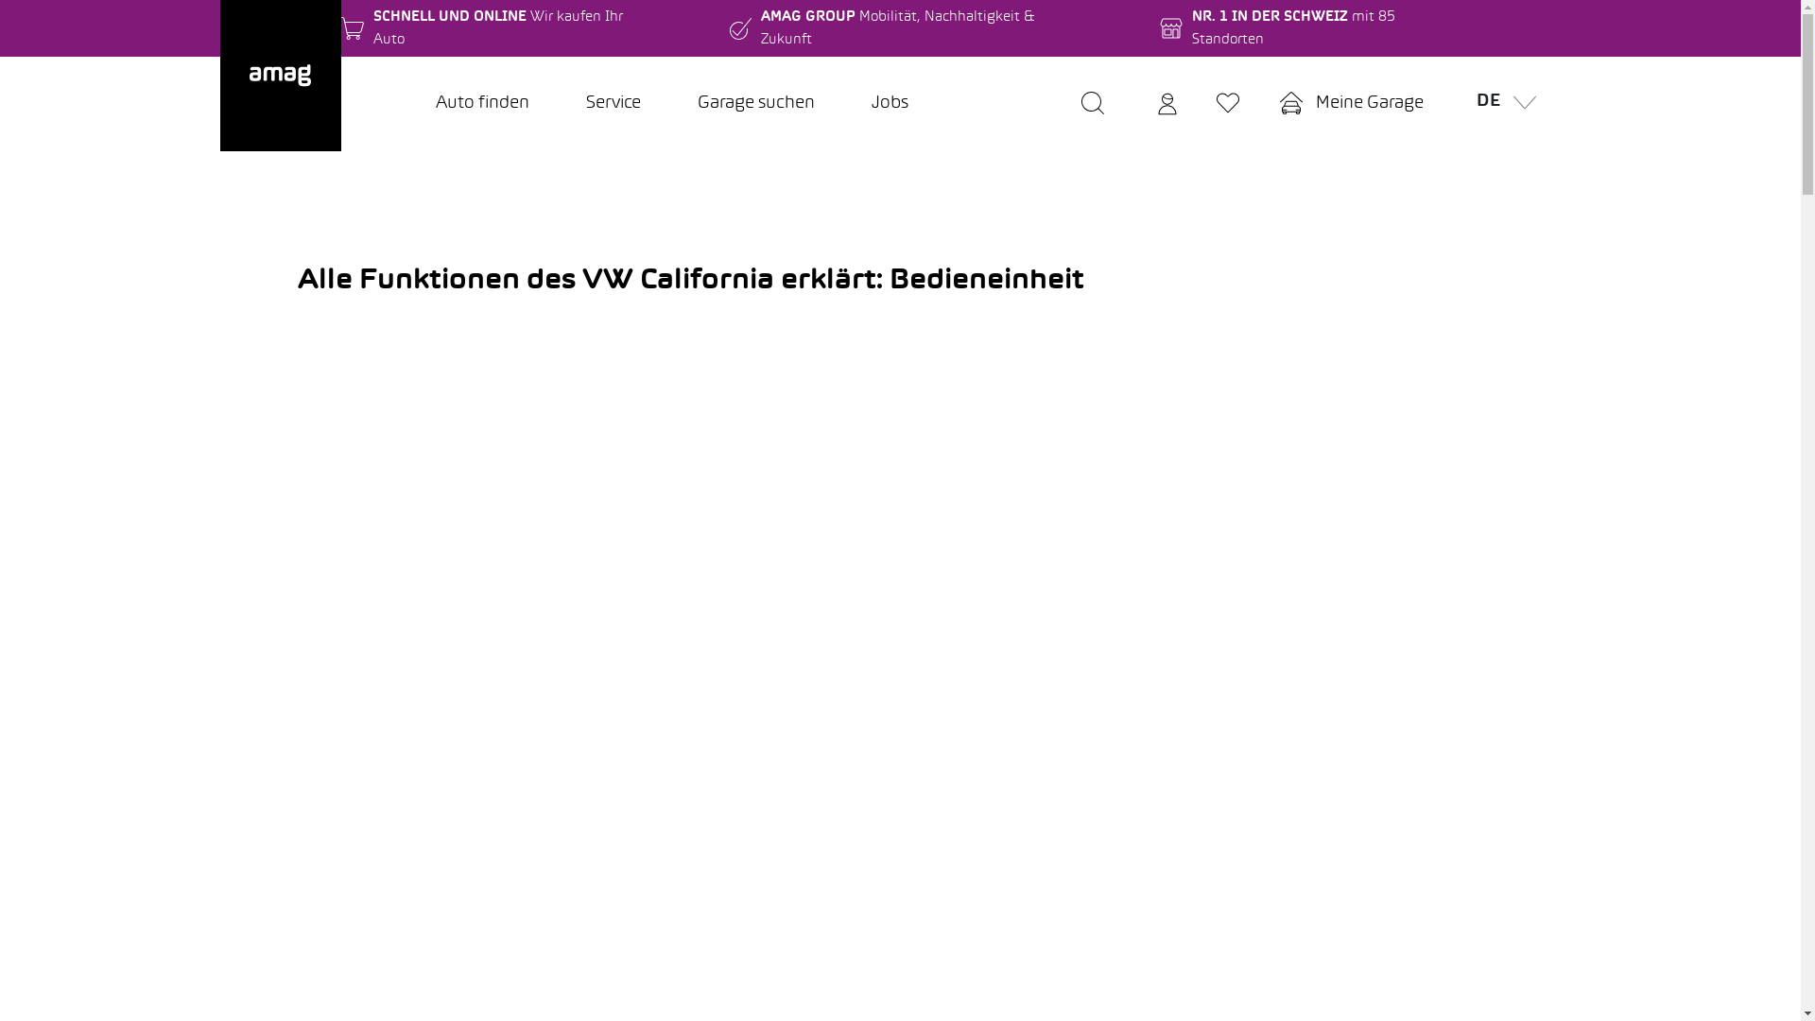  Describe the element at coordinates (889, 104) in the screenshot. I see `'Jobs'` at that location.